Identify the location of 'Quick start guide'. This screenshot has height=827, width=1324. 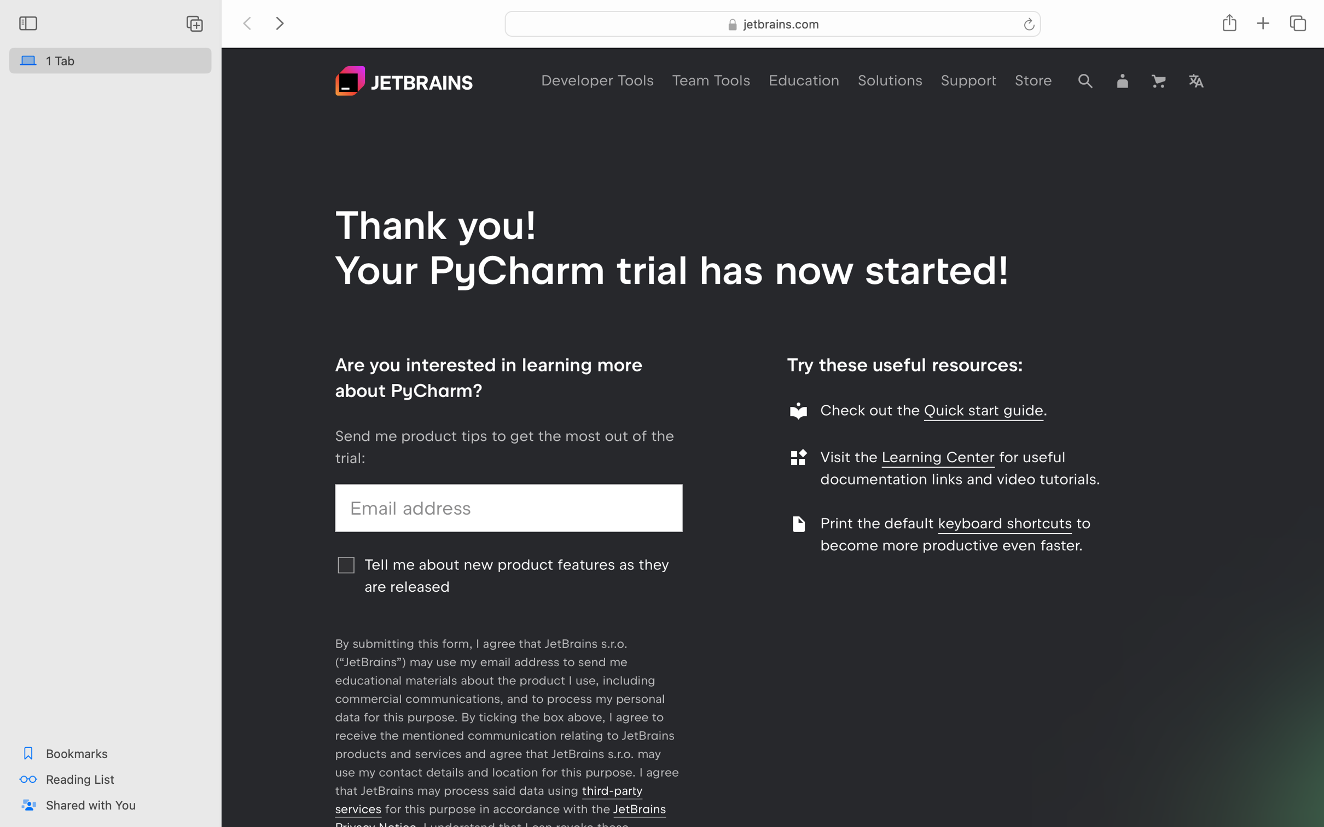
(983, 409).